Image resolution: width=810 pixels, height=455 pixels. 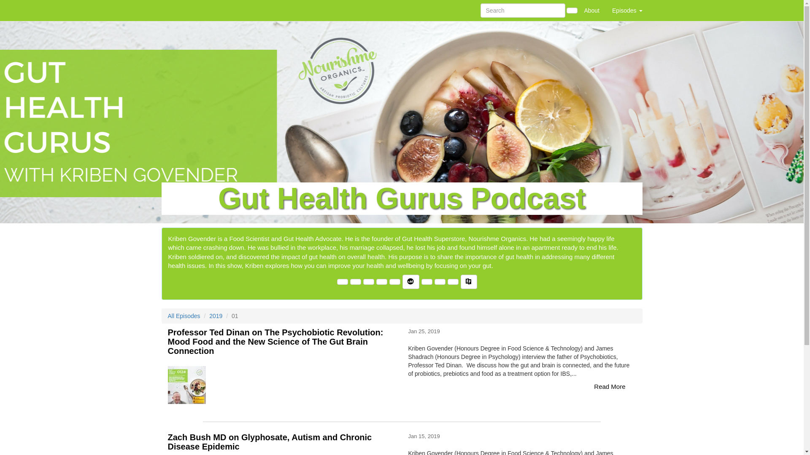 I want to click on 'Home Page', so click(x=178, y=10).